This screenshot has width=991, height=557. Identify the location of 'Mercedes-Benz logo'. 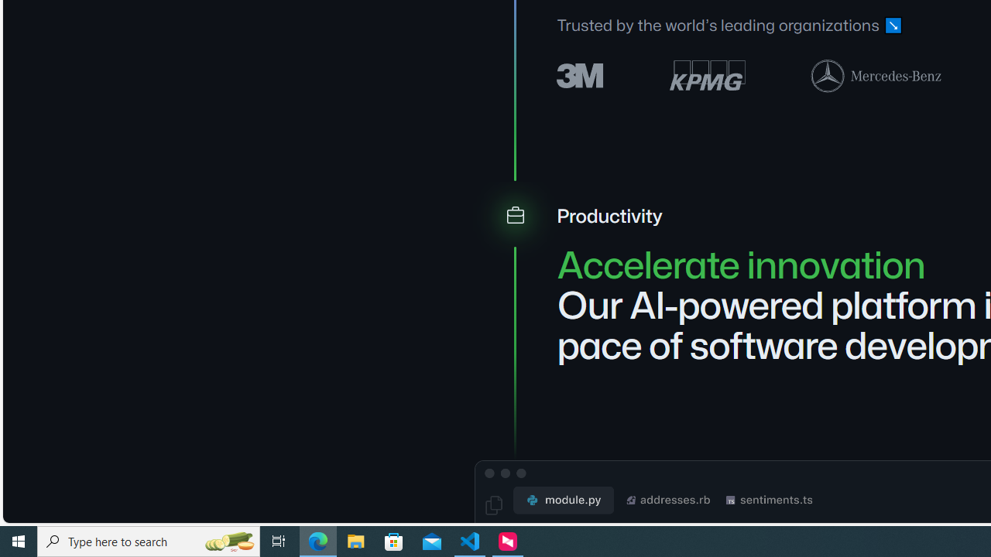
(876, 75).